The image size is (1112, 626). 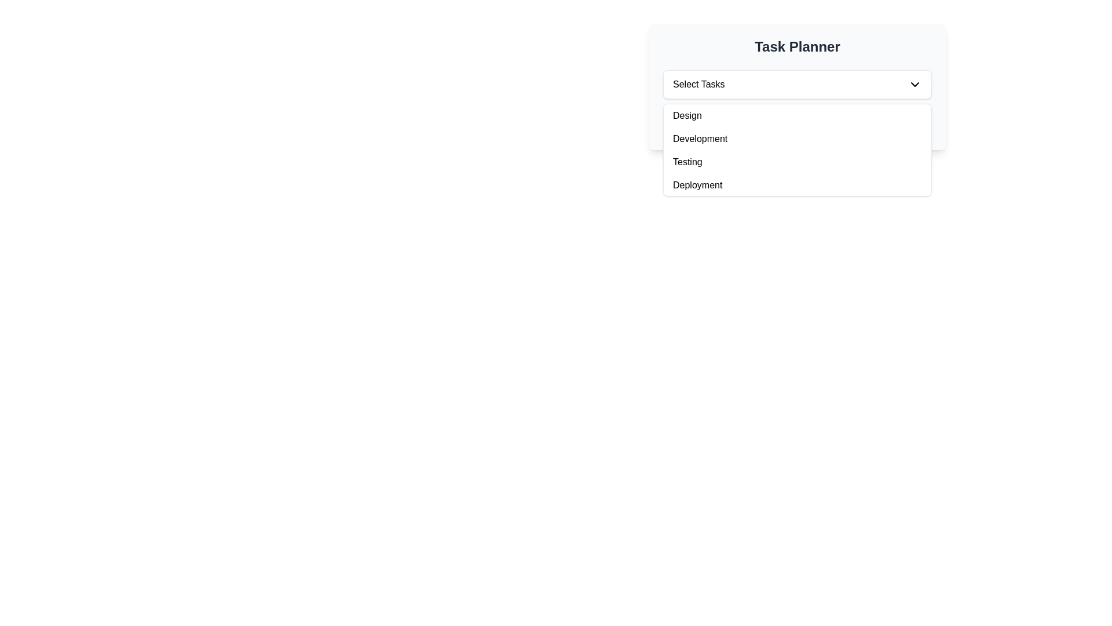 I want to click on the interactive dropdown menu located in the 'Task Planner' section below the title 'Task Planner', so click(x=797, y=84).